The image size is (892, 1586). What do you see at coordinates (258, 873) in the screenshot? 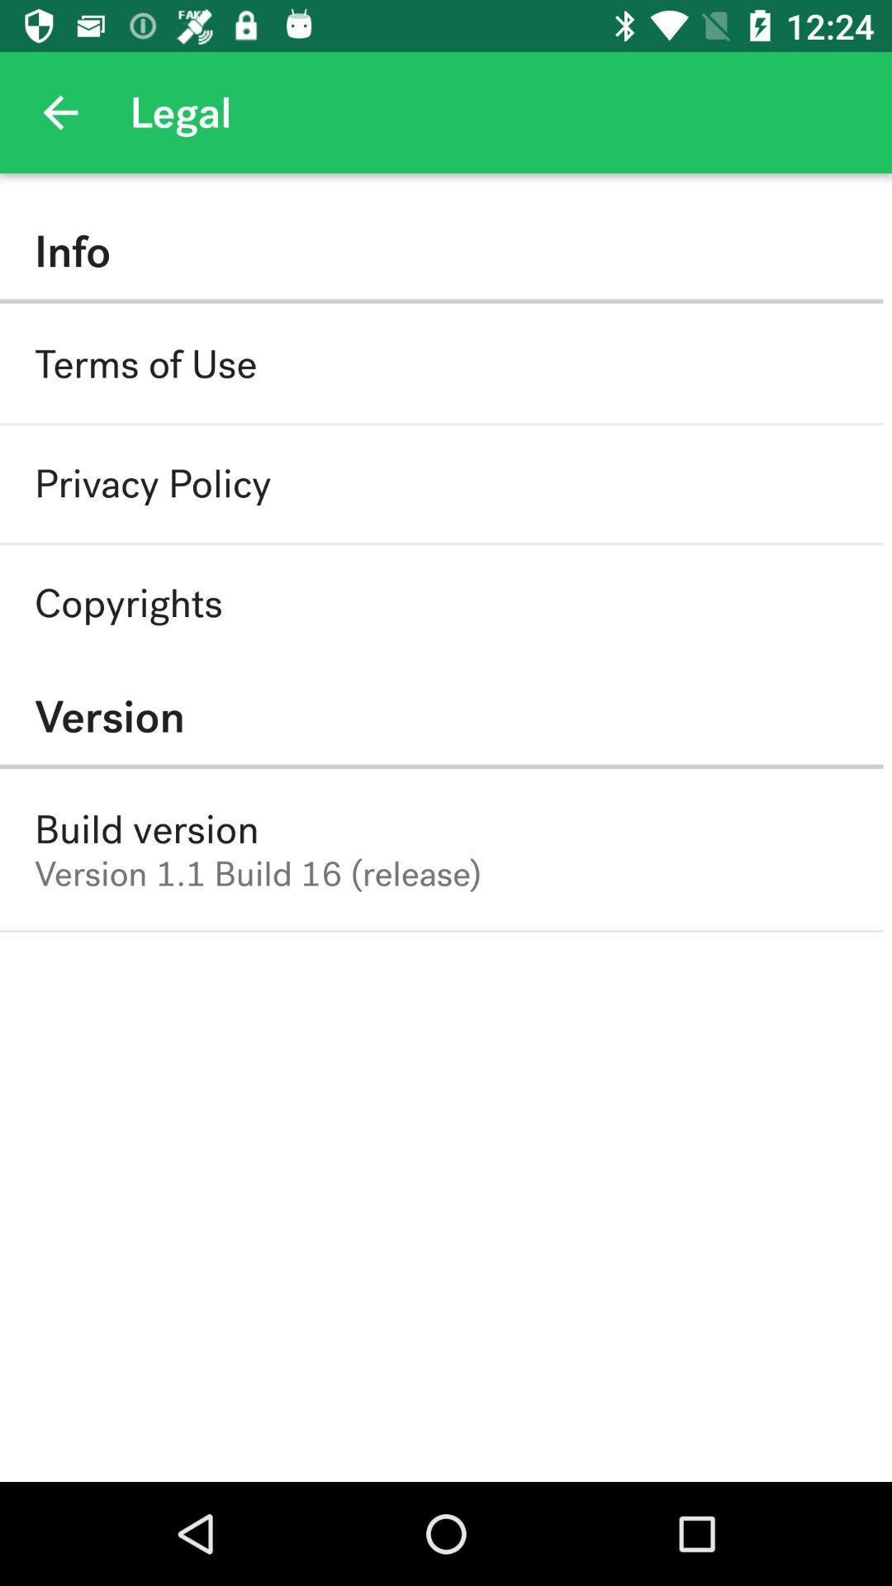
I see `the version 1 1 icon` at bounding box center [258, 873].